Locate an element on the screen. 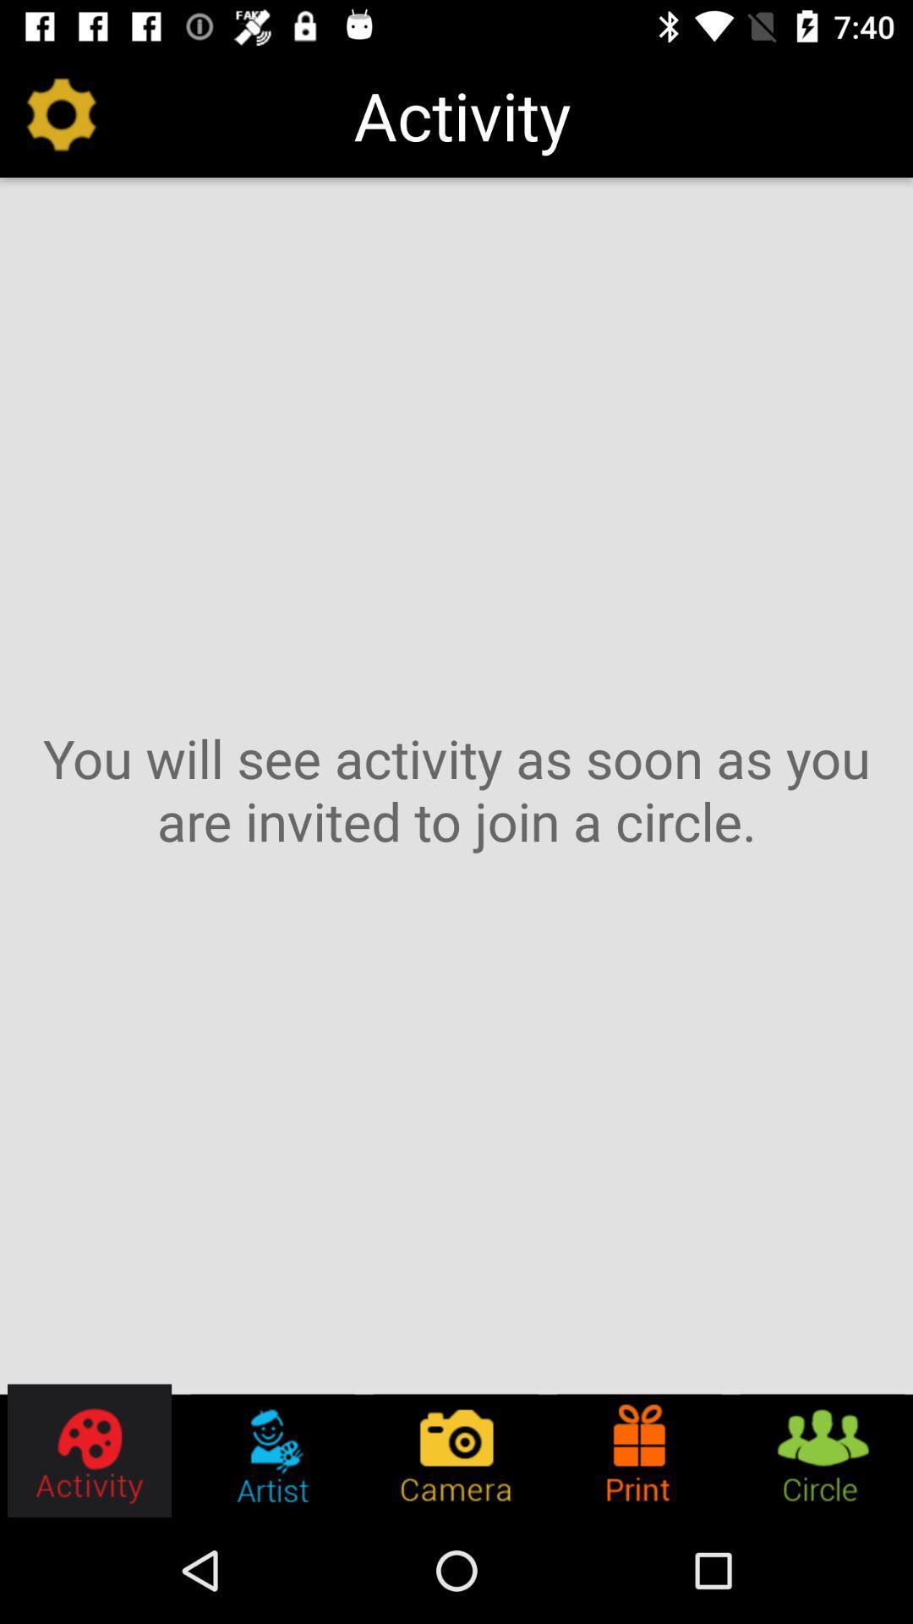 This screenshot has height=1624, width=913. the item to the left of the activity is located at coordinates (61, 114).